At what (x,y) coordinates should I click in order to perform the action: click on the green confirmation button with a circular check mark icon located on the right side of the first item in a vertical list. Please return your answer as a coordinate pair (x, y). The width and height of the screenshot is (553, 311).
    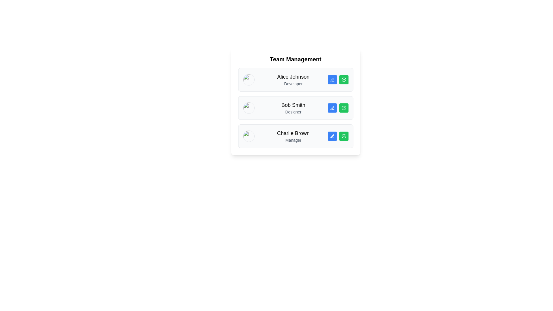
    Looking at the image, I should click on (344, 80).